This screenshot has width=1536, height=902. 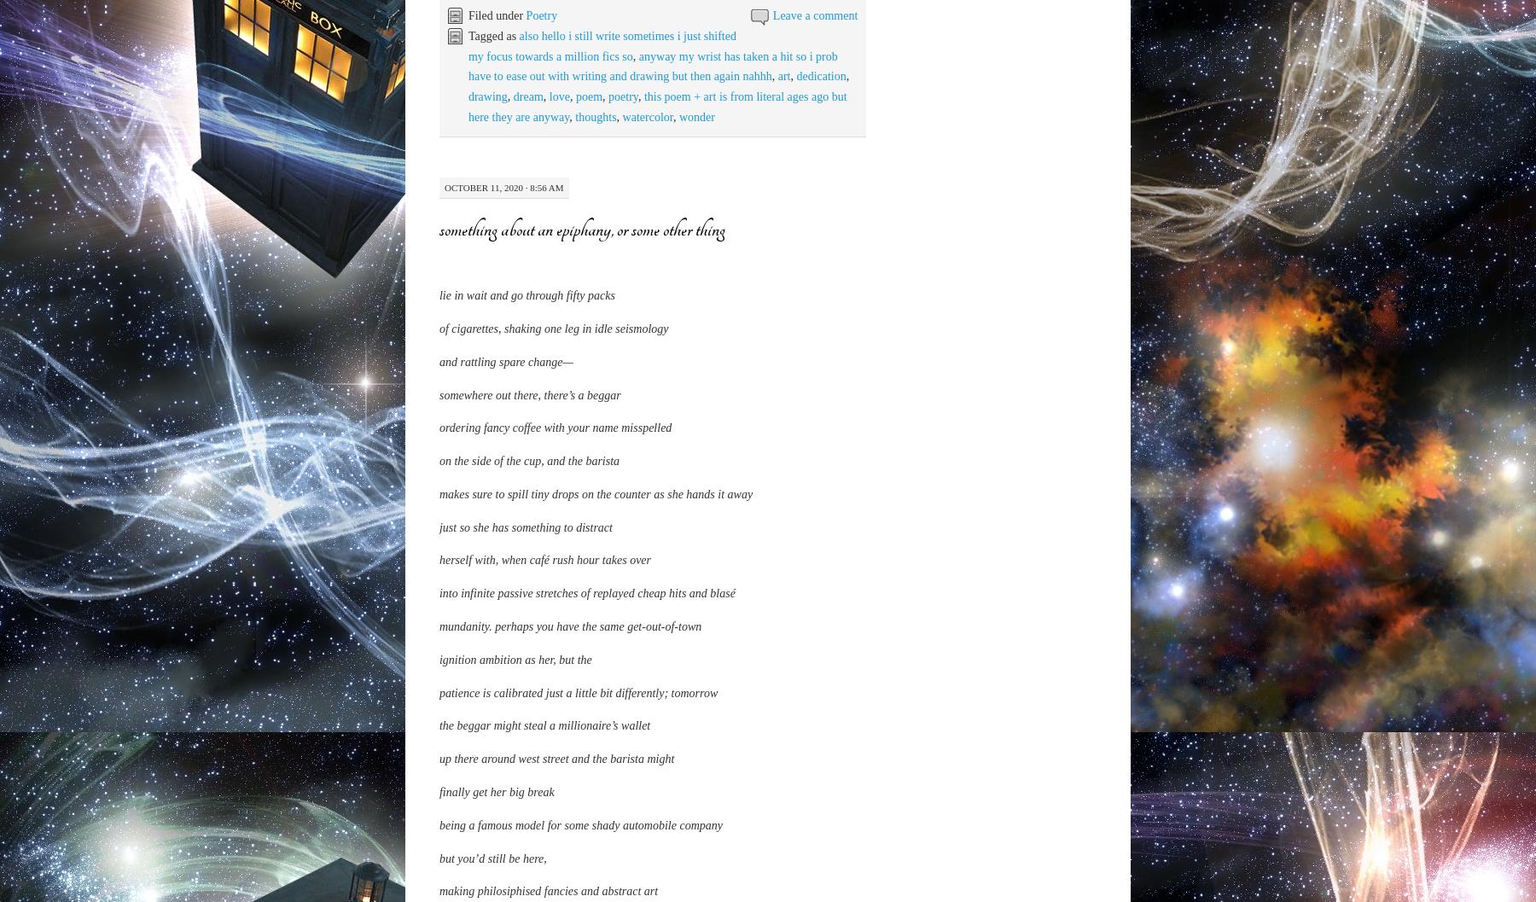 What do you see at coordinates (819, 75) in the screenshot?
I see `'dedication'` at bounding box center [819, 75].